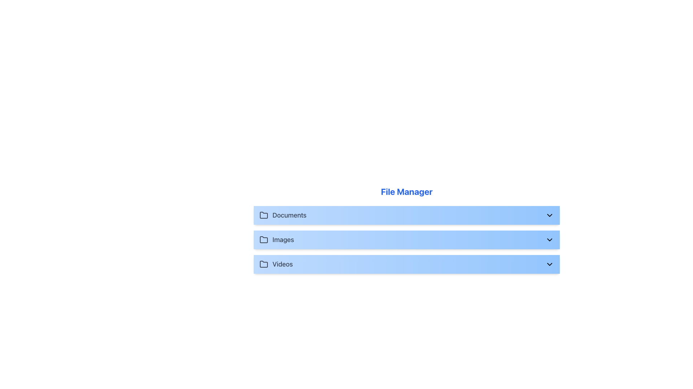 The width and height of the screenshot is (693, 389). Describe the element at coordinates (407, 232) in the screenshot. I see `the chevron icon of the 'Images' folder tab component` at that location.